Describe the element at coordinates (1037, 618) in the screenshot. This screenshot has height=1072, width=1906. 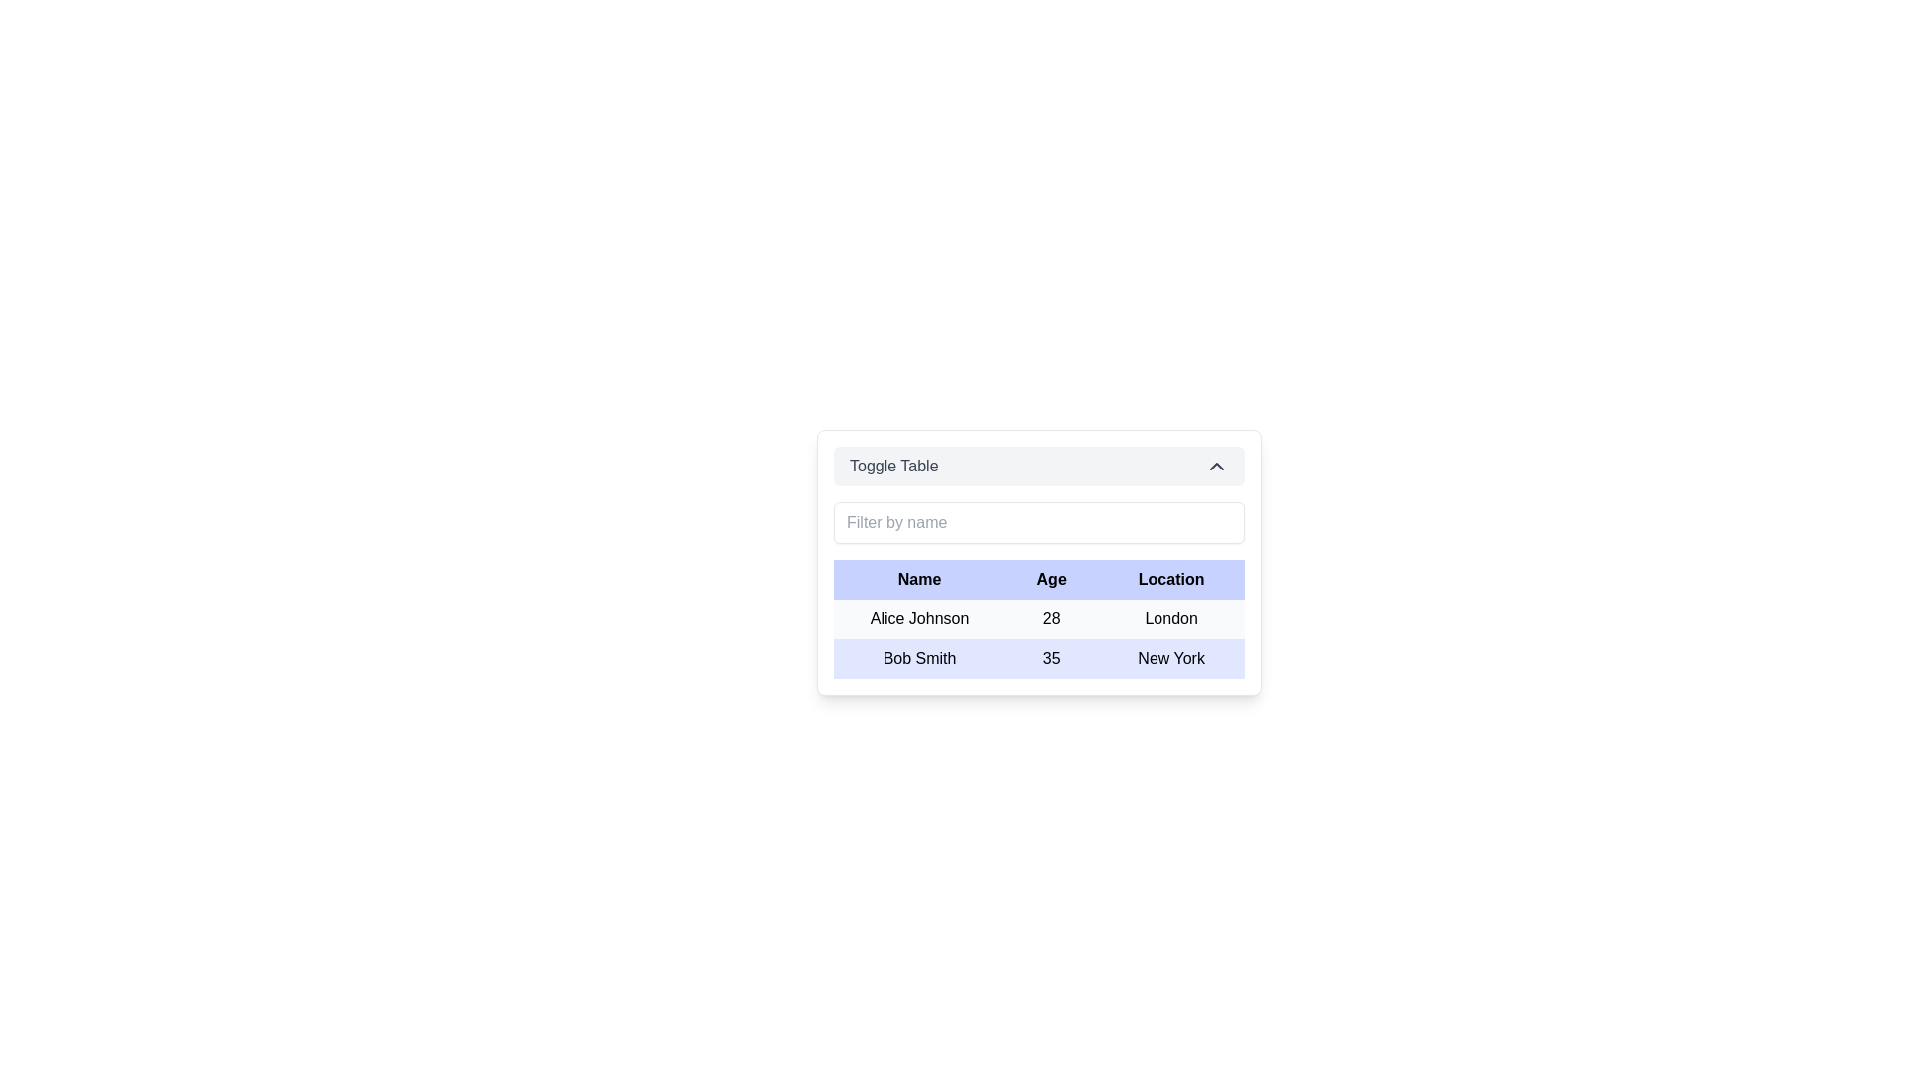
I see `the first row in the table that displays personal data entries, which is positioned above the row containing 'Bob Smith', '35', and 'New York'` at that location.